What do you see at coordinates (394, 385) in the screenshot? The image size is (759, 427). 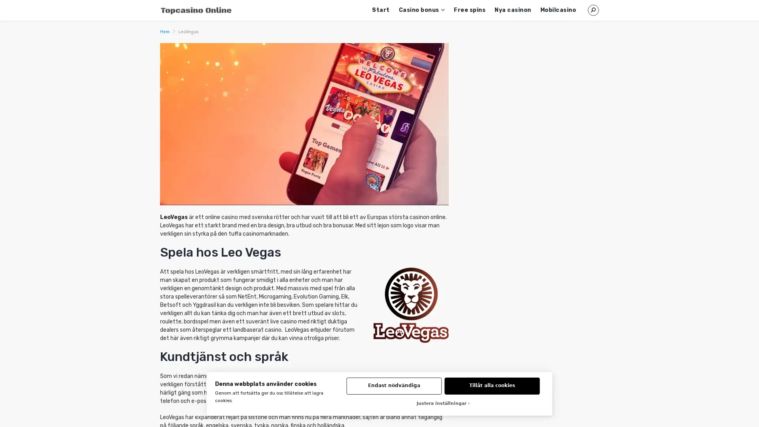 I see `Endast nodvandiga` at bounding box center [394, 385].